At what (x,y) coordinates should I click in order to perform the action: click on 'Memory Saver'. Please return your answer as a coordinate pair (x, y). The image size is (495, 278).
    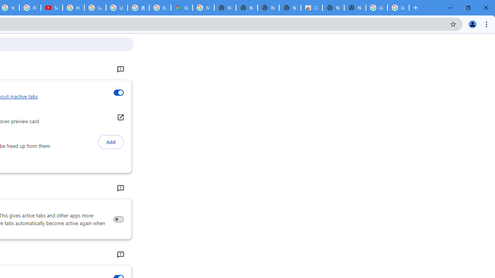
    Looking at the image, I should click on (118, 219).